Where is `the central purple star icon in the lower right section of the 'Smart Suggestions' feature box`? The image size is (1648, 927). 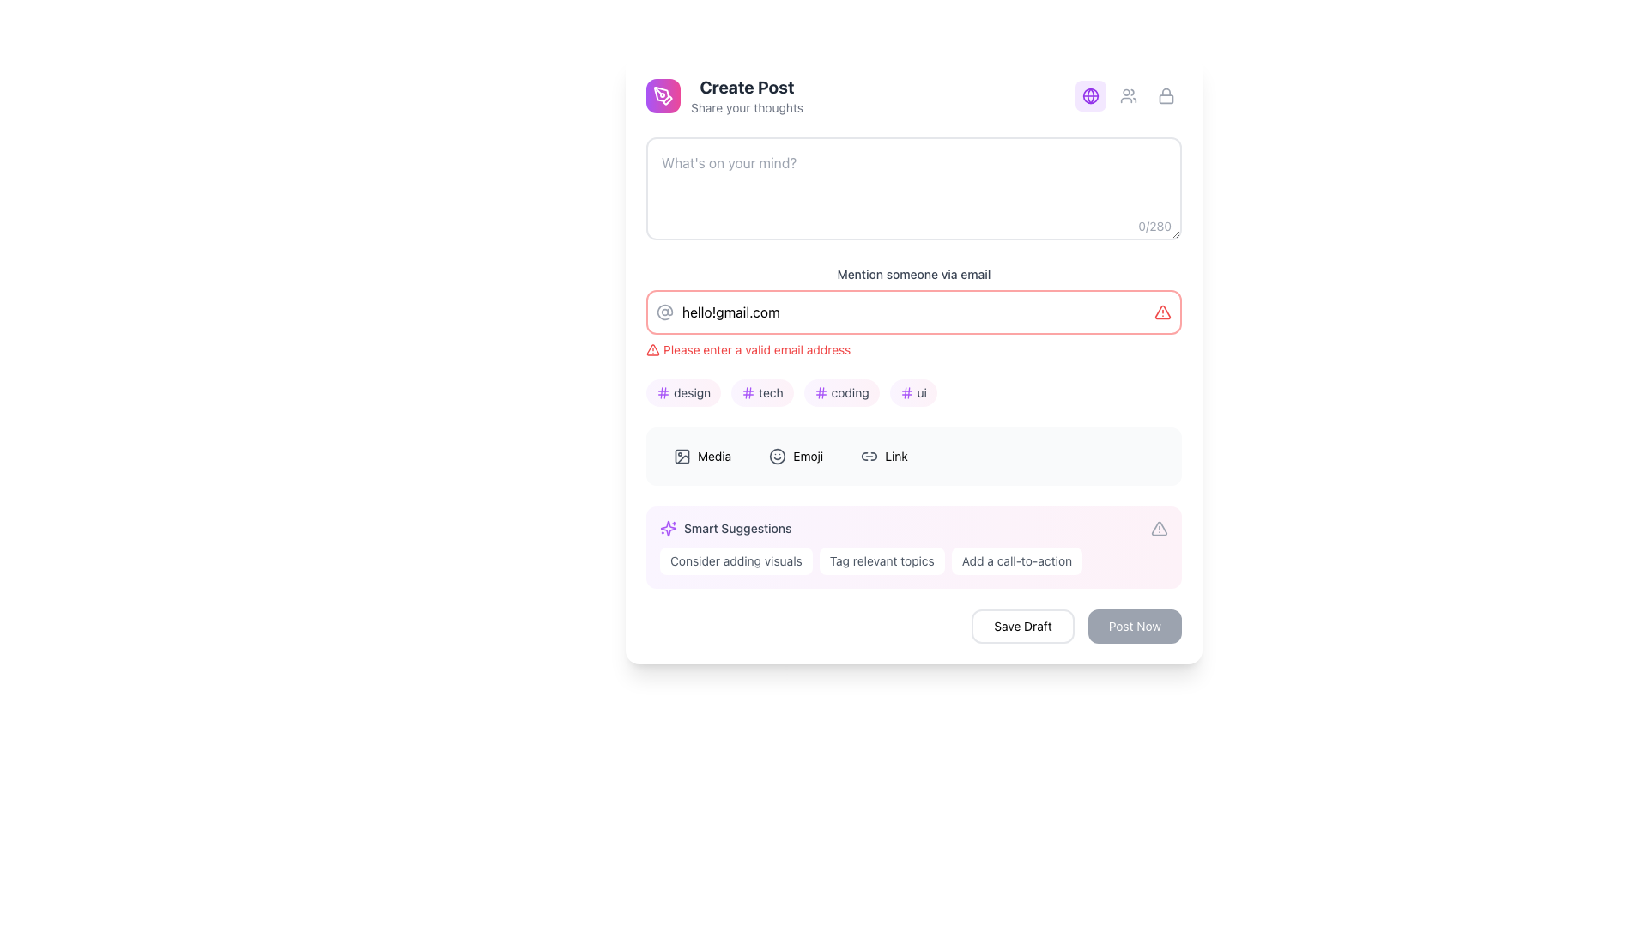
the central purple star icon in the lower right section of the 'Smart Suggestions' feature box is located at coordinates (667, 528).